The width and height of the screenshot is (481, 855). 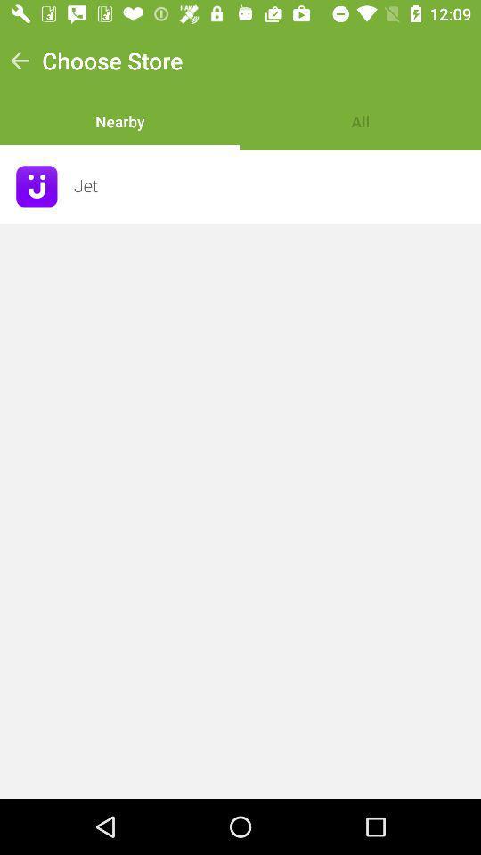 I want to click on icon above nearby icon, so click(x=112, y=61).